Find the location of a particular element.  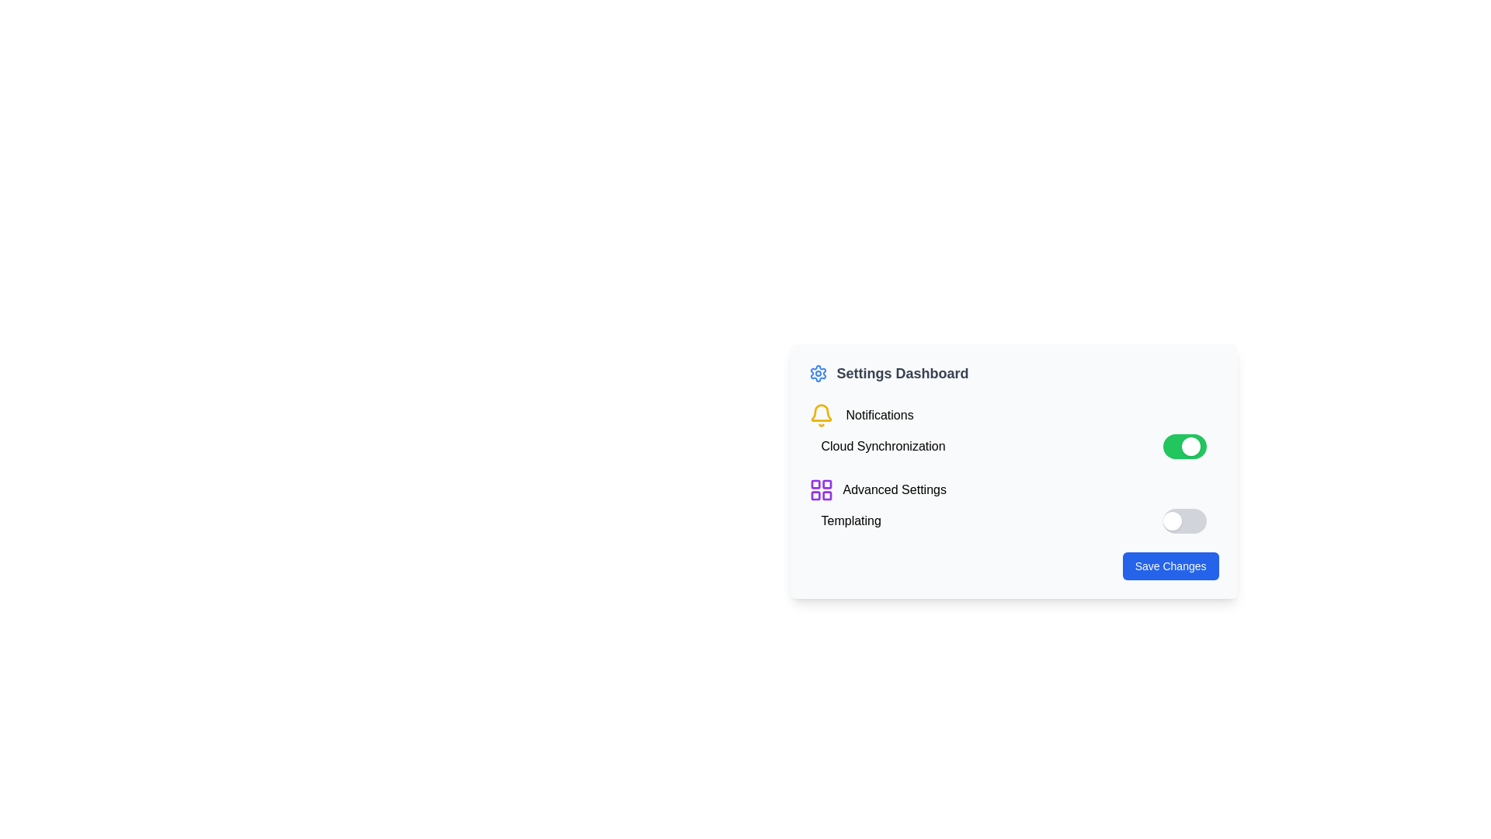

the yellow bell icon representing notifications, located left of the 'Notifications' text in the settings menu is located at coordinates (820, 415).